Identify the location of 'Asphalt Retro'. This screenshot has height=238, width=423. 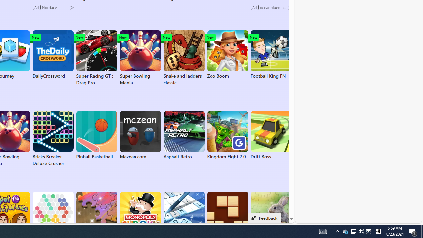
(184, 135).